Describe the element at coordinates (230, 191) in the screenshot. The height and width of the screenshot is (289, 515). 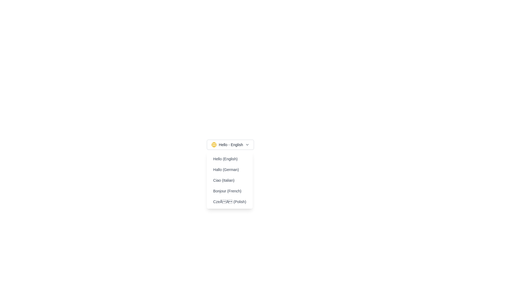
I see `the dropdown menu option labeled 'Bonjour (French)'` at that location.